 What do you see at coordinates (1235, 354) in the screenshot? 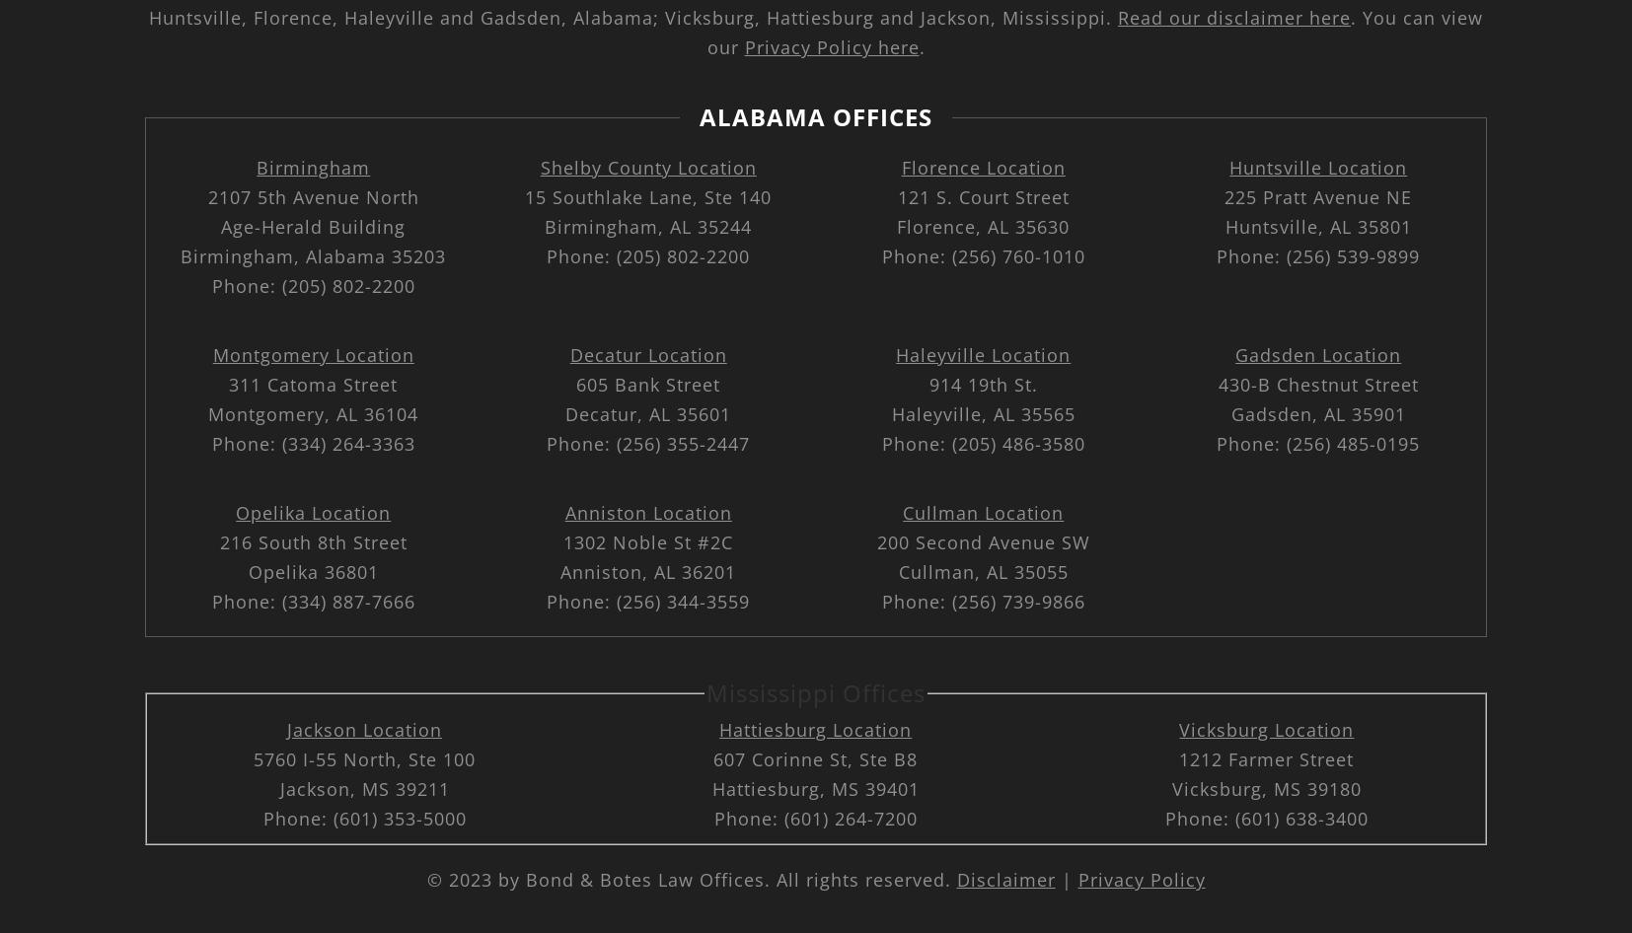
I see `'Gadsden Location'` at bounding box center [1235, 354].